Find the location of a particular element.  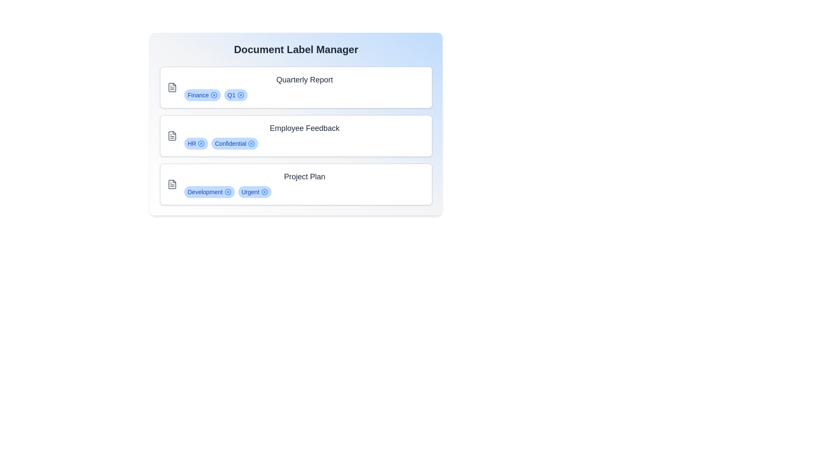

the label Finance from the document Quarterly Report is located at coordinates (214, 95).